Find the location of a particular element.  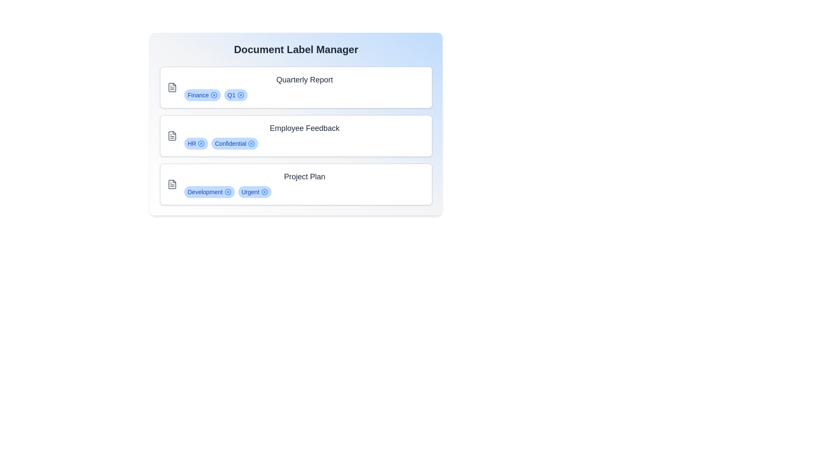

the label Finance from the document Quarterly Report is located at coordinates (214, 95).